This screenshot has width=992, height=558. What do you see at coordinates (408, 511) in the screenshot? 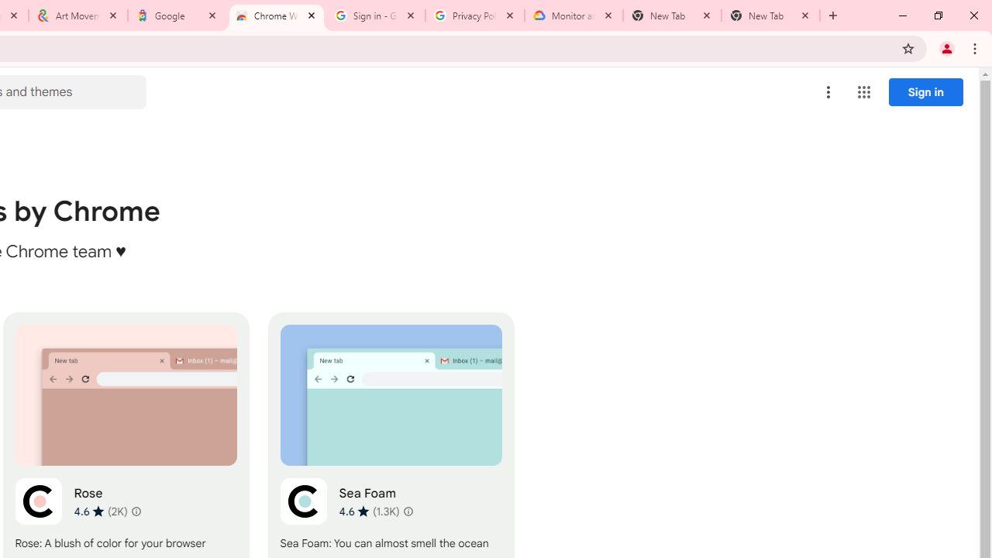
I see `'Learn more about results and reviews "Sea Foam"'` at bounding box center [408, 511].